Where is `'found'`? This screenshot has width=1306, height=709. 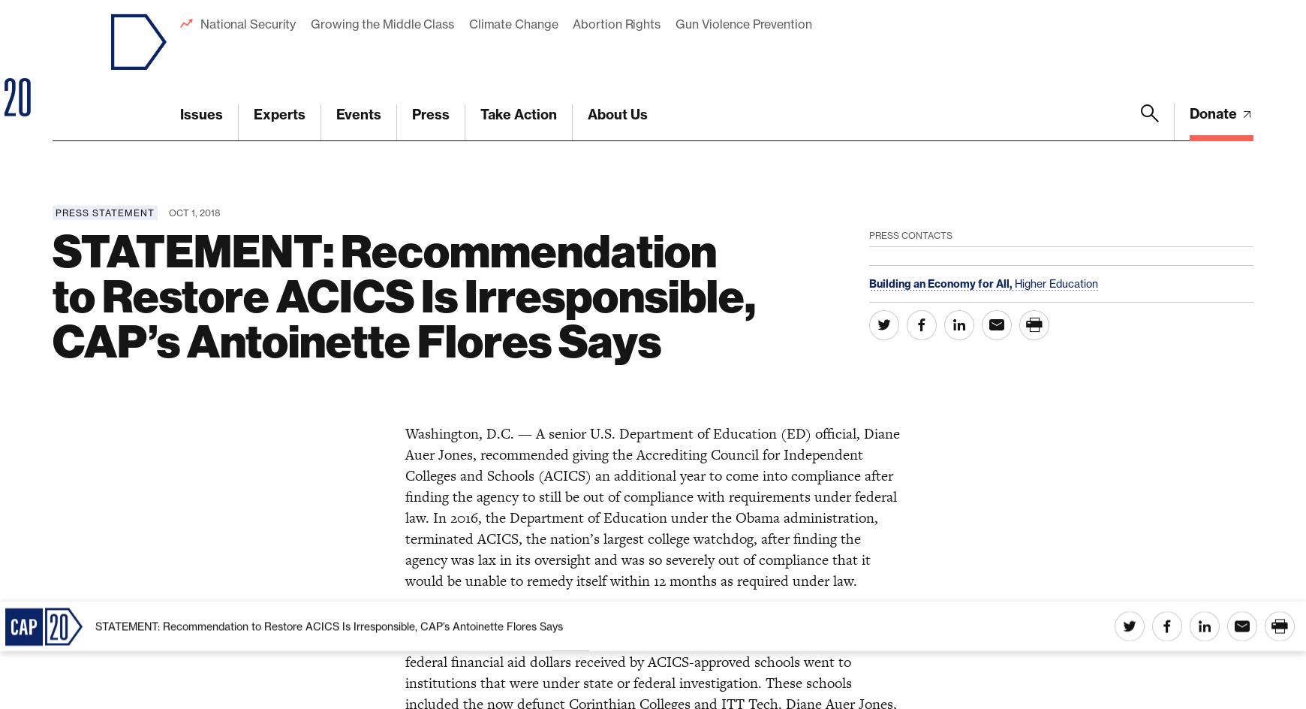
'found' is located at coordinates (570, 39).